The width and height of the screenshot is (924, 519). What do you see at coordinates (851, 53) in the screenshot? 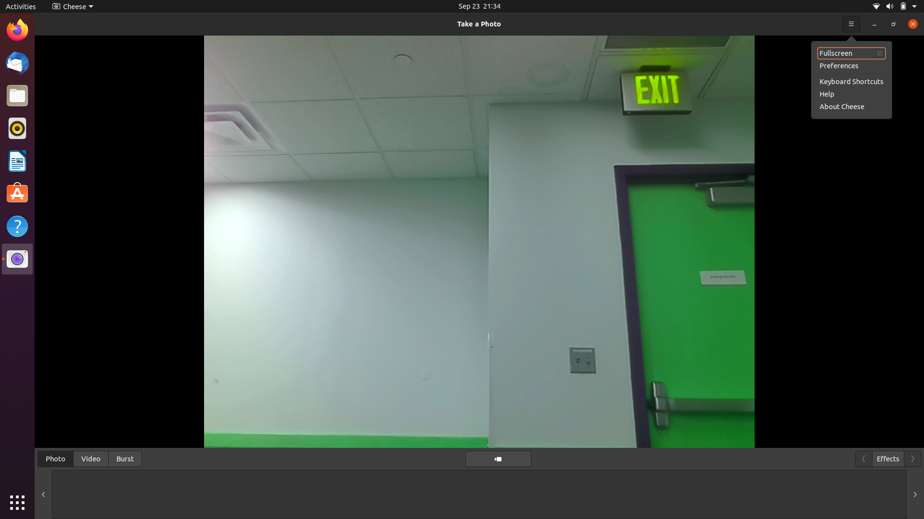
I see `Expand to fill the entire screen` at bounding box center [851, 53].